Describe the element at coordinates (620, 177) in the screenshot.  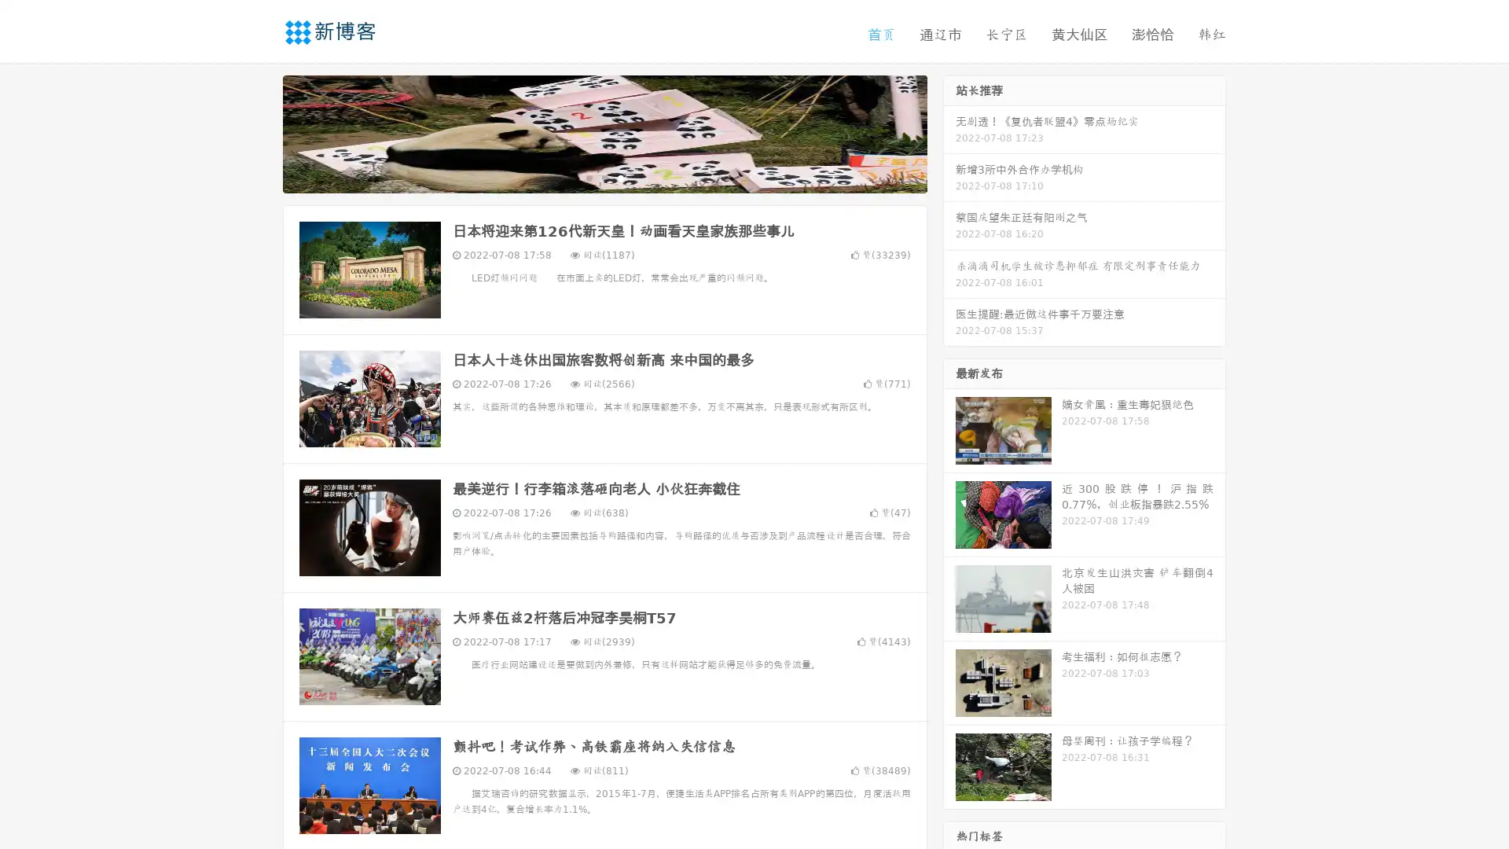
I see `Go to slide 3` at that location.